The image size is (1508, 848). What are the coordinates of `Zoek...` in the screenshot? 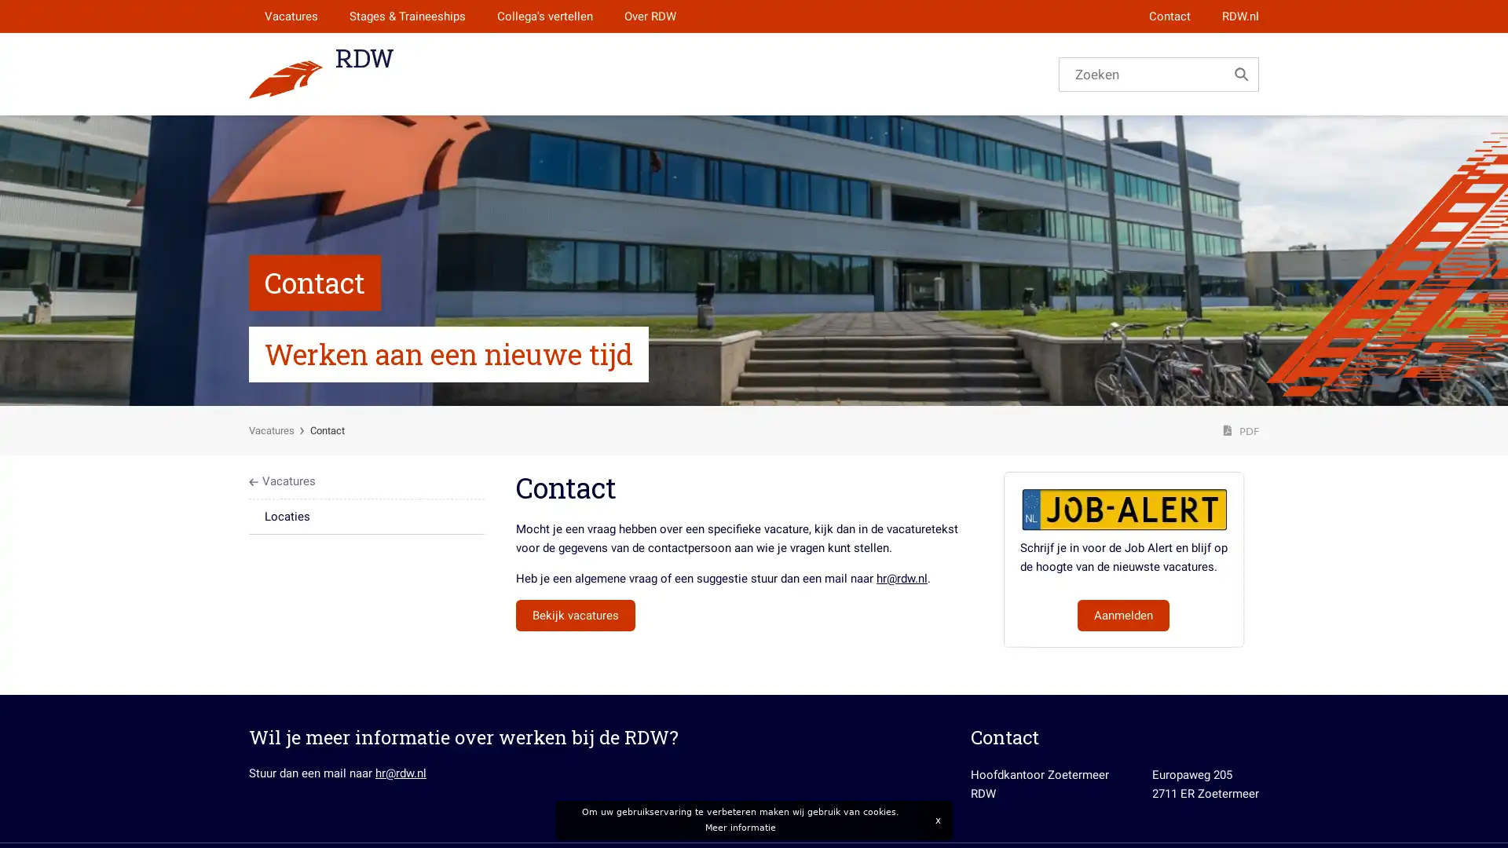 It's located at (1240, 73).